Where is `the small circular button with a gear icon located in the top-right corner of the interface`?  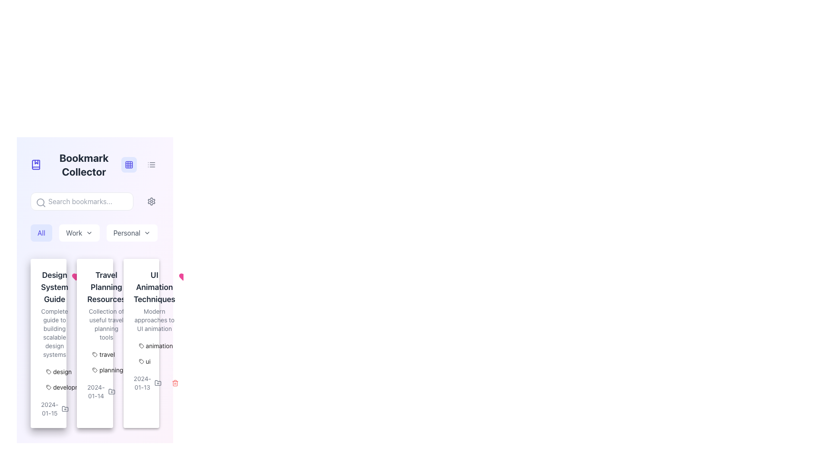 the small circular button with a gear icon located in the top-right corner of the interface is located at coordinates (151, 201).